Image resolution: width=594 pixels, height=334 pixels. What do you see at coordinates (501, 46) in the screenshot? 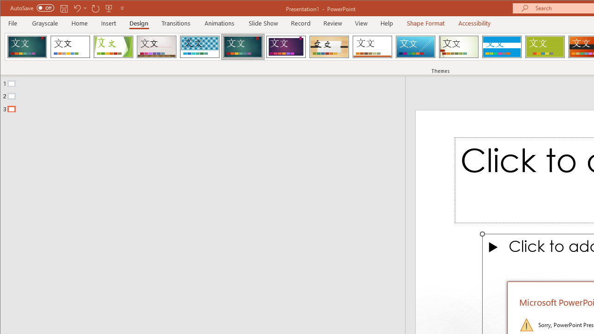
I see `'Banded'` at bounding box center [501, 46].